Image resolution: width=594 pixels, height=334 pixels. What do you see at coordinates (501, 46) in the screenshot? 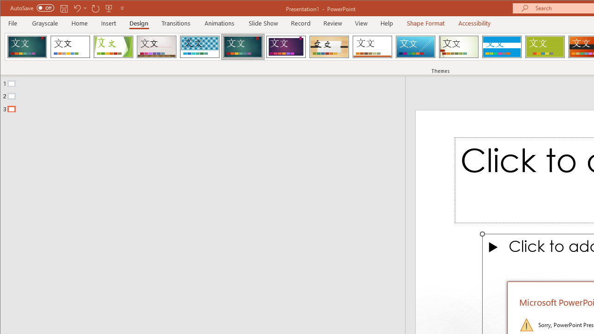
I see `'Banded'` at bounding box center [501, 46].